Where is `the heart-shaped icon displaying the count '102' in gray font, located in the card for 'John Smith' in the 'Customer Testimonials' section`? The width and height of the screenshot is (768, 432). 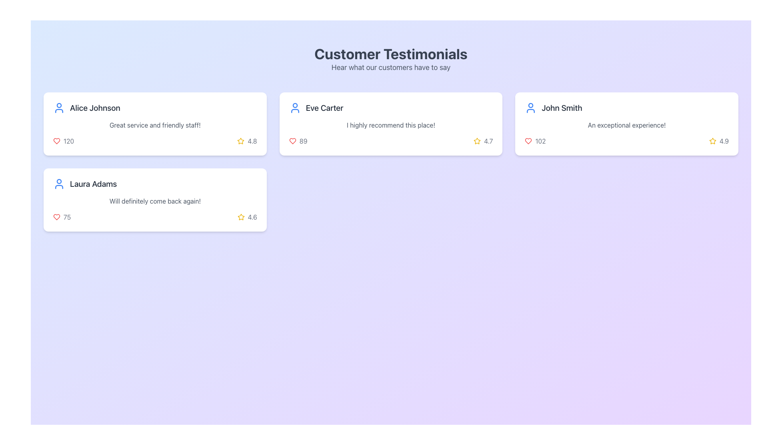
the heart-shaped icon displaying the count '102' in gray font, located in the card for 'John Smith' in the 'Customer Testimonials' section is located at coordinates (535, 141).